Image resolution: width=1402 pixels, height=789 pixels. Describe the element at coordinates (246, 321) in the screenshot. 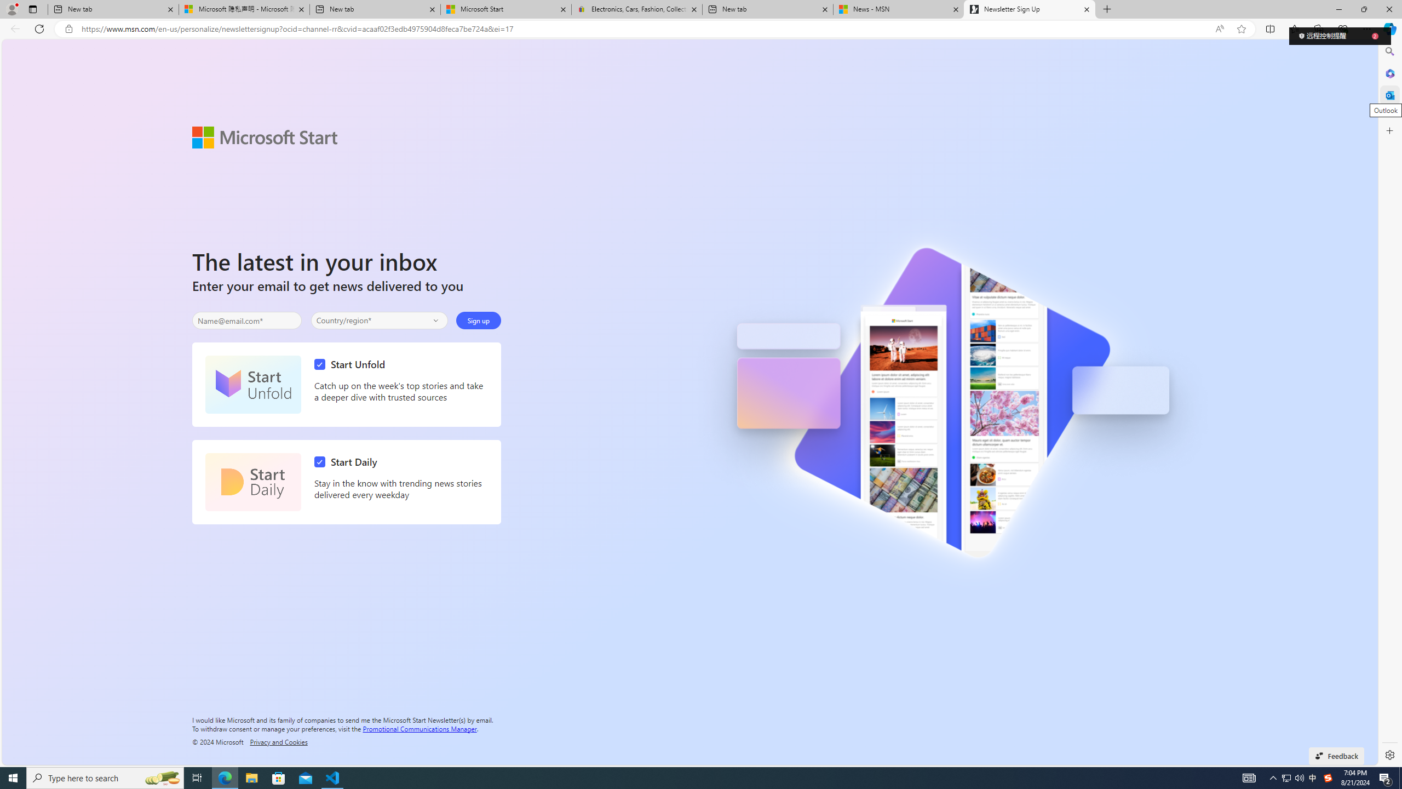

I see `'Enter your email'` at that location.